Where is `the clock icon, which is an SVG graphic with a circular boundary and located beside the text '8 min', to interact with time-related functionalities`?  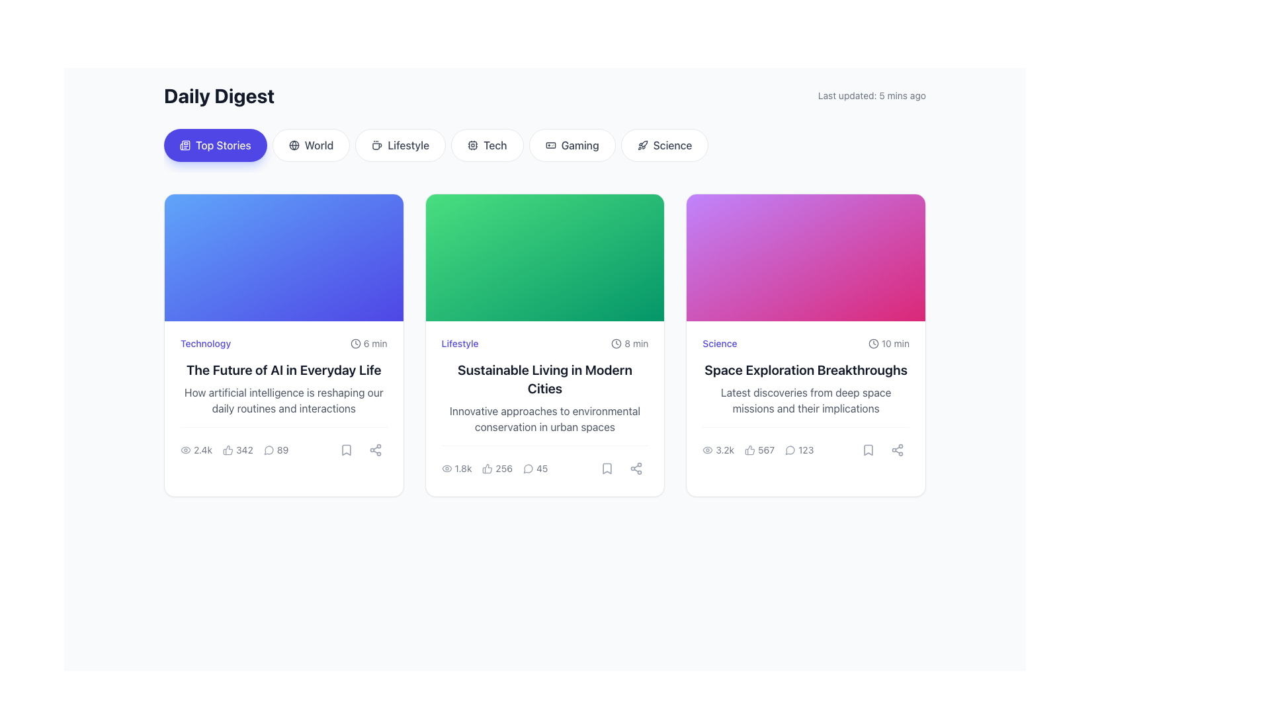 the clock icon, which is an SVG graphic with a circular boundary and located beside the text '8 min', to interact with time-related functionalities is located at coordinates (616, 343).